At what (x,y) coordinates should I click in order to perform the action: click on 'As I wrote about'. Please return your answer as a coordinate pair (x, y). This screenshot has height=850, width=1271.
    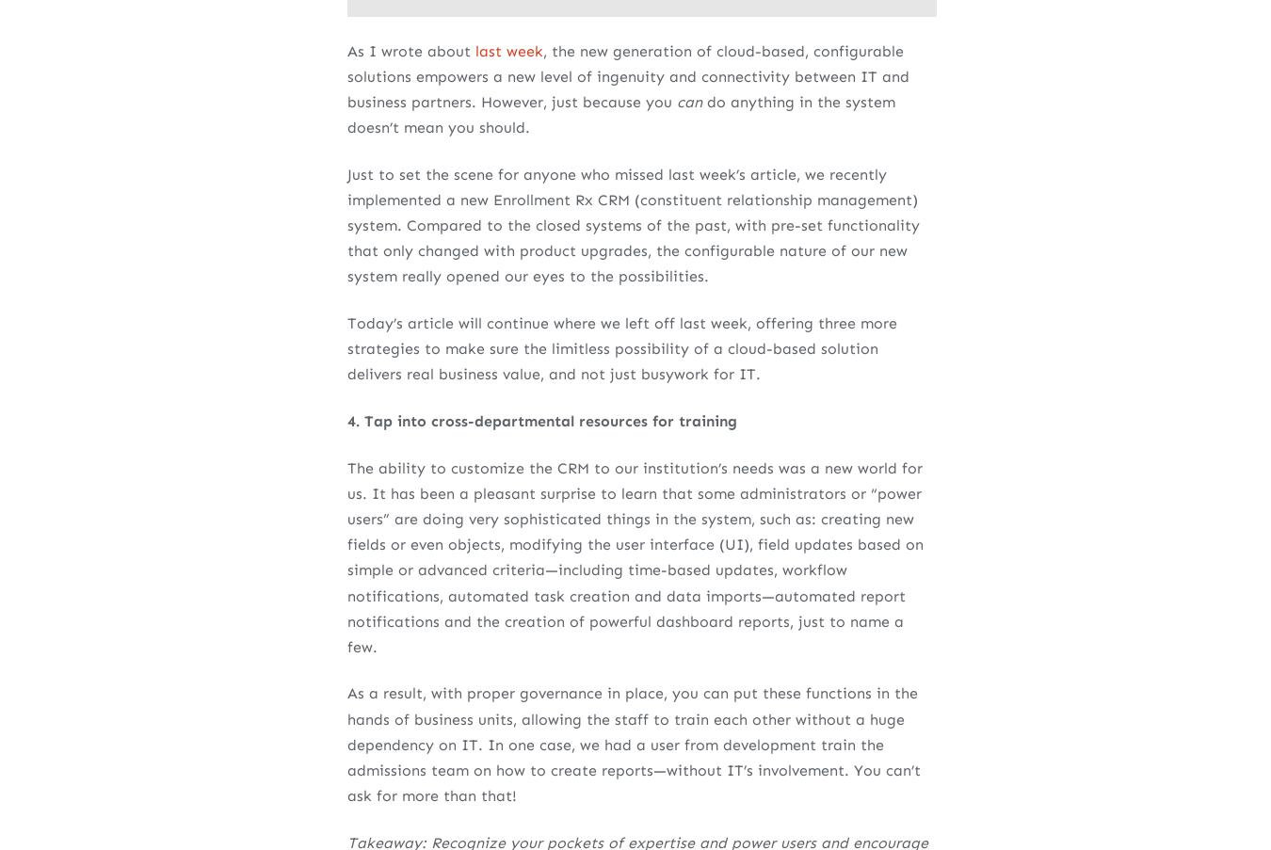
    Looking at the image, I should click on (346, 49).